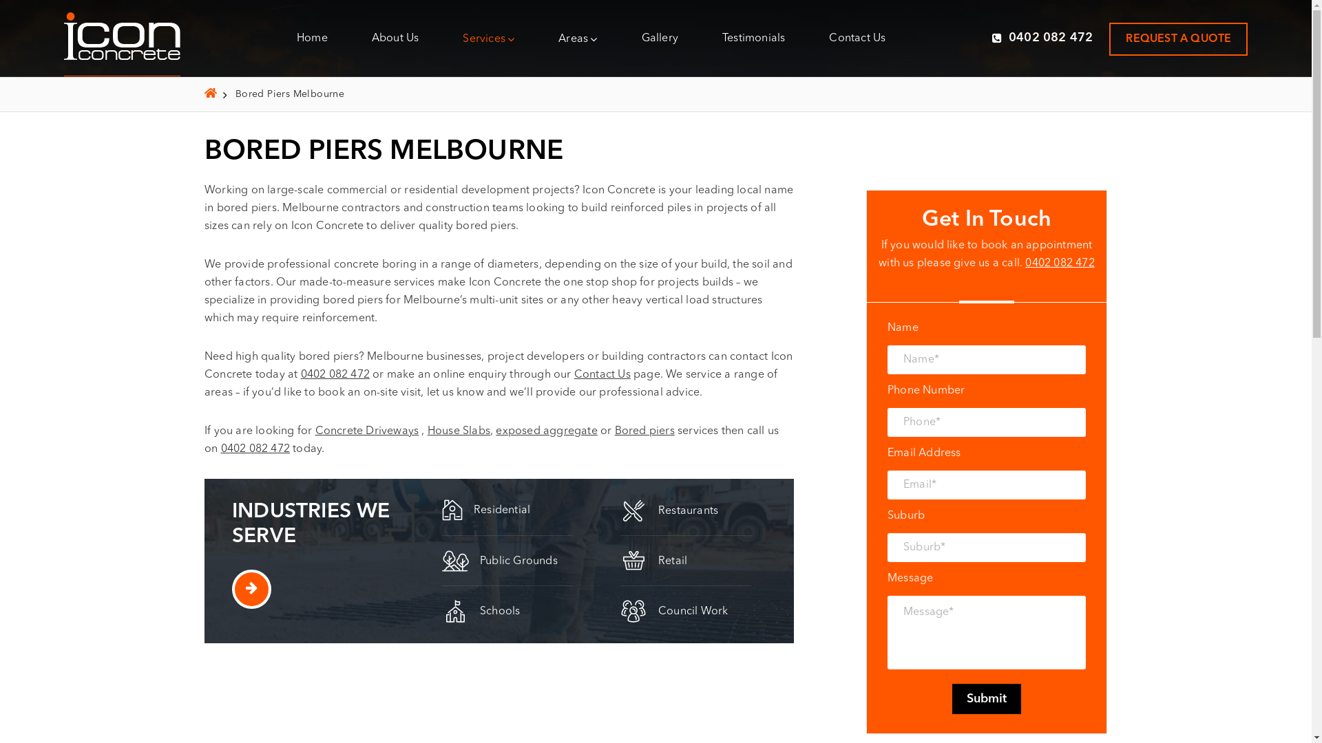 The image size is (1322, 743). I want to click on 'Gallery', so click(659, 36).